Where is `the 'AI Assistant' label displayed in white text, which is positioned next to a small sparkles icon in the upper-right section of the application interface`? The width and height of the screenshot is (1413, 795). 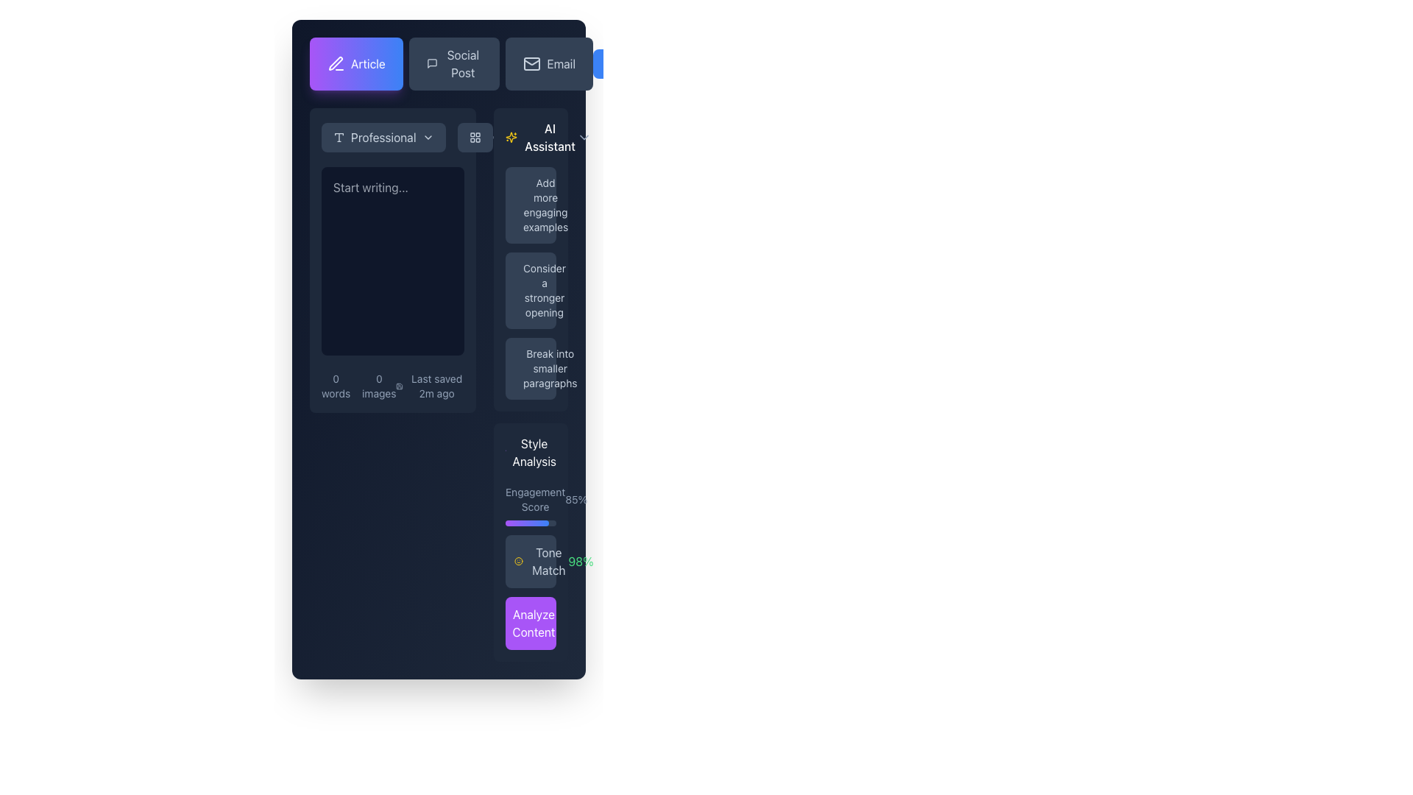 the 'AI Assistant' label displayed in white text, which is positioned next to a small sparkles icon in the upper-right section of the application interface is located at coordinates (549, 137).